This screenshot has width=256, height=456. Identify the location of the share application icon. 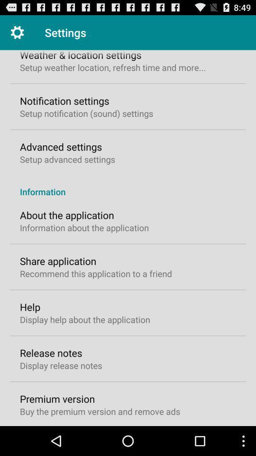
(58, 261).